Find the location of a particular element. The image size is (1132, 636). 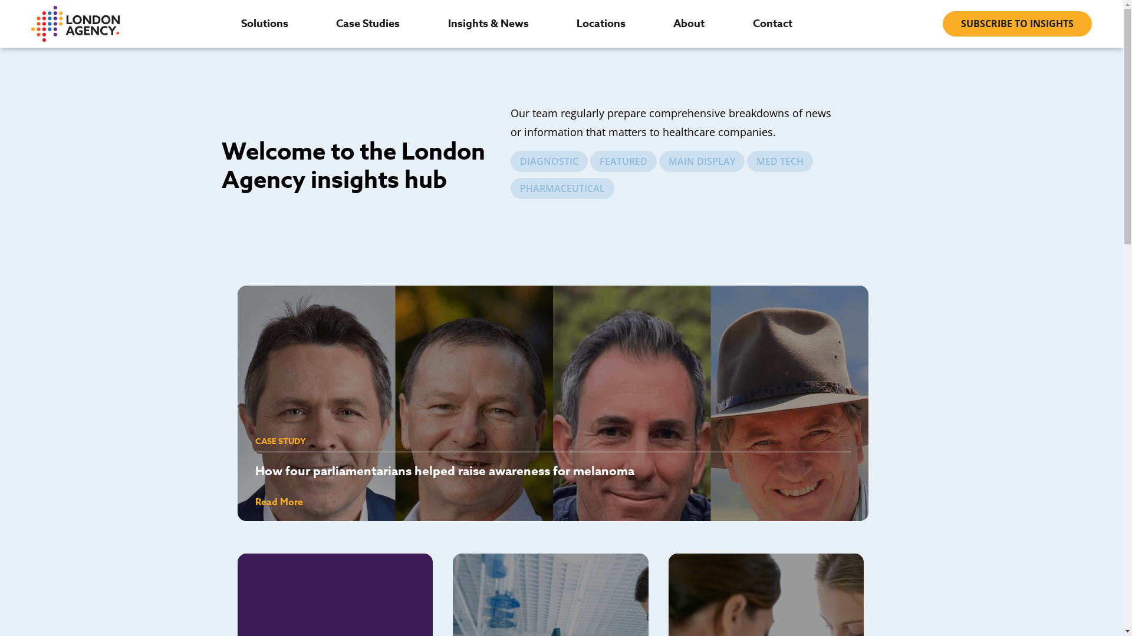

'DIAGNOSTIC' is located at coordinates (548, 161).